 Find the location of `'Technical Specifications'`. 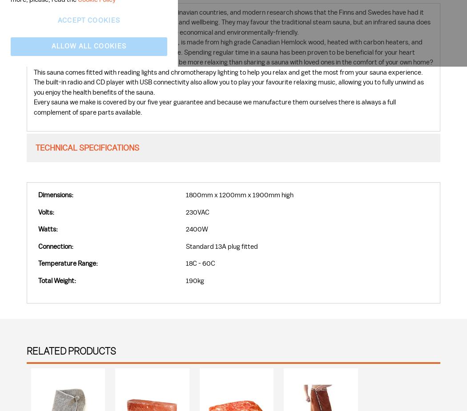

'Technical Specifications' is located at coordinates (36, 148).